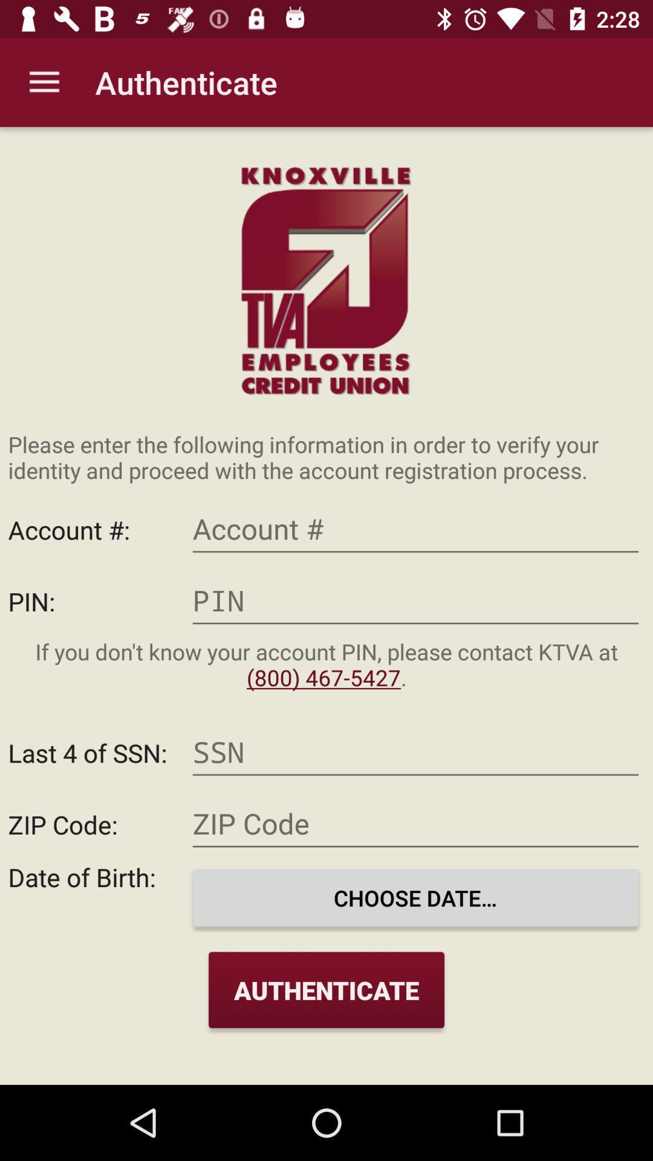 This screenshot has width=653, height=1161. What do you see at coordinates (415, 600) in the screenshot?
I see `go back` at bounding box center [415, 600].